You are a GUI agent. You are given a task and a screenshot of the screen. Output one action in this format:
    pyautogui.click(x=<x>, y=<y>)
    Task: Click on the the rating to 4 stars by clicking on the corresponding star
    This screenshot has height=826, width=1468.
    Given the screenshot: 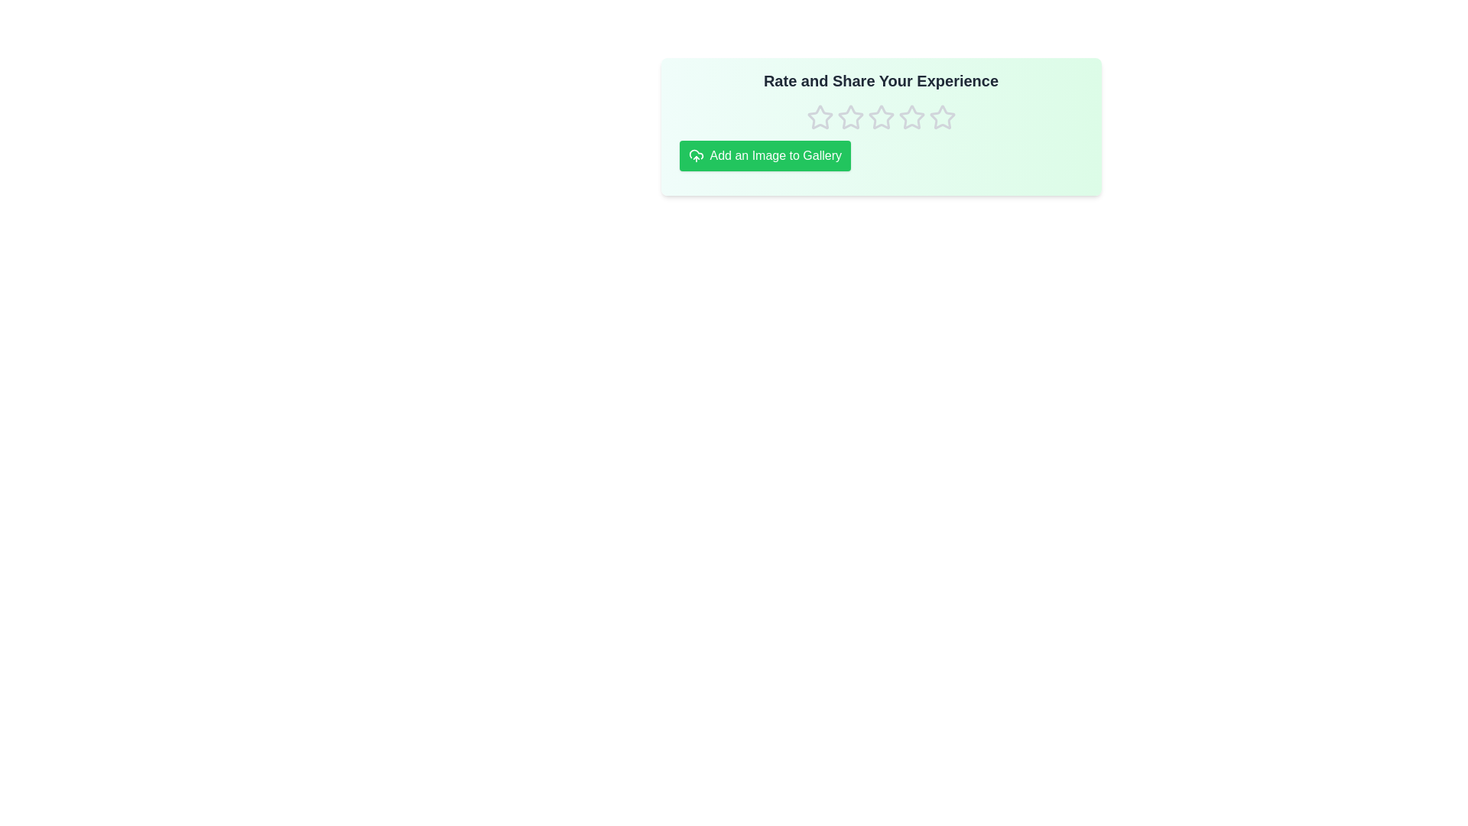 What is the action you would take?
    pyautogui.click(x=911, y=117)
    